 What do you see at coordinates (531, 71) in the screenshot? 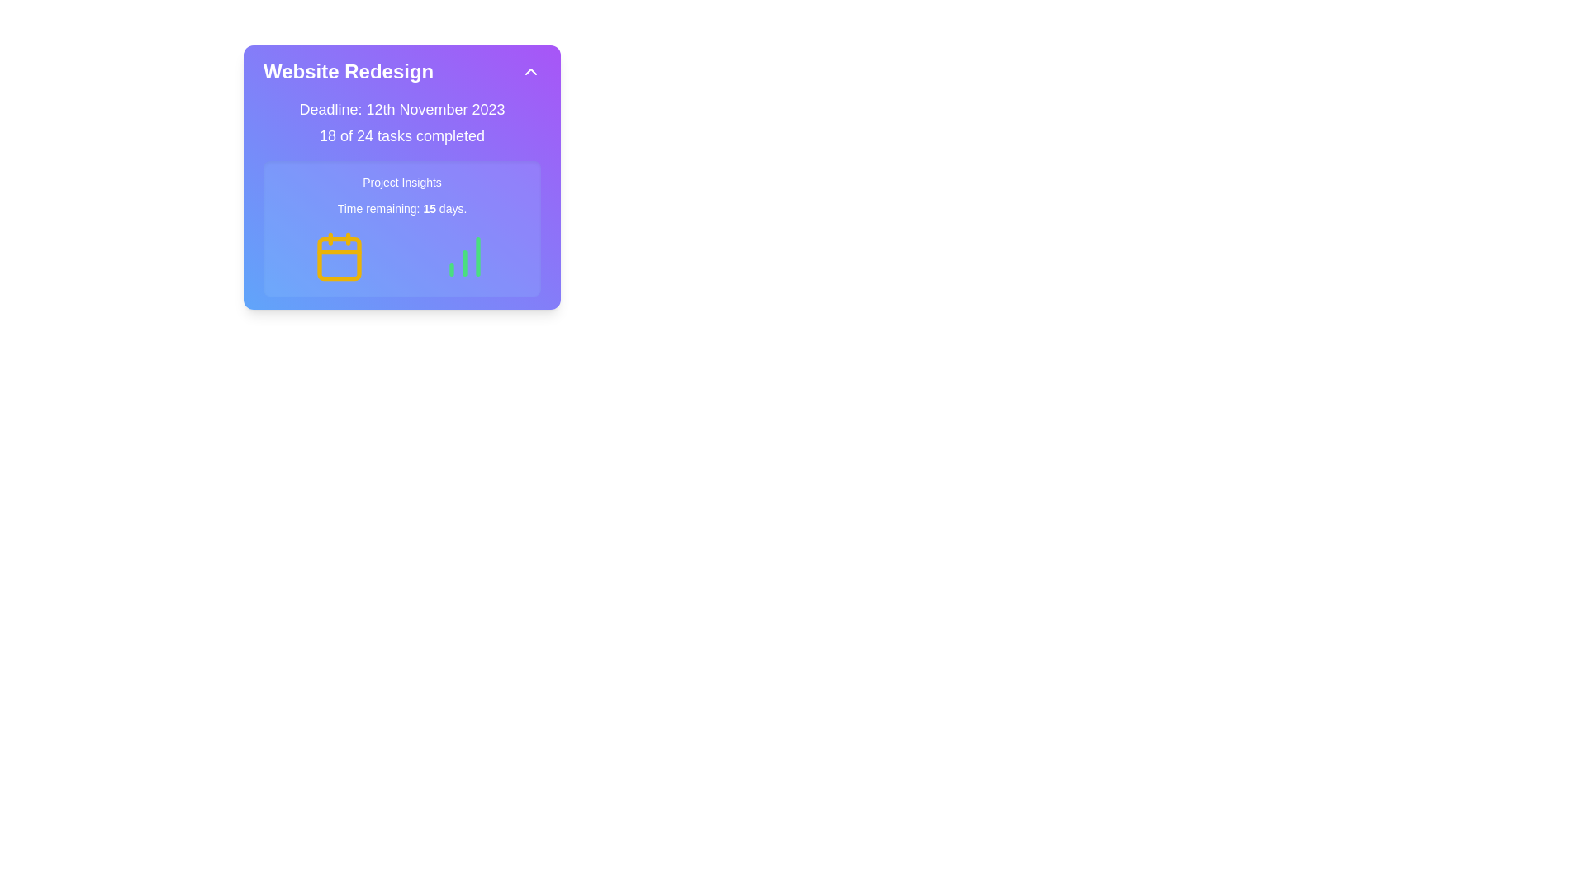
I see `the chevron icon button located in the upper-right corner of the 'Website Redesign' card` at bounding box center [531, 71].